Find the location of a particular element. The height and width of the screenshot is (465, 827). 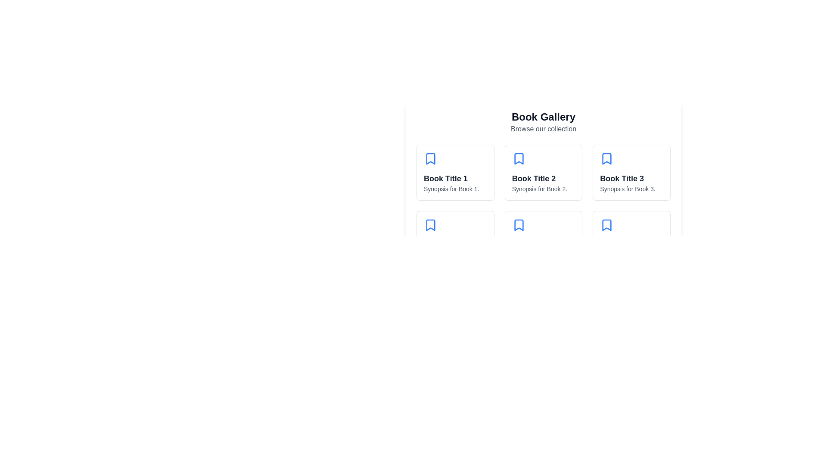

the Card component for an item is located at coordinates (631, 239).